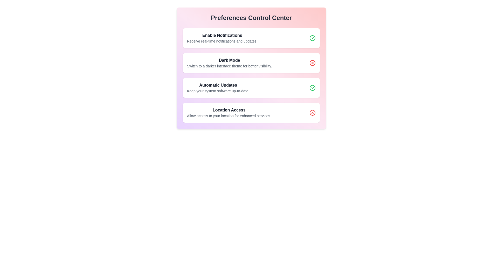 The image size is (498, 280). What do you see at coordinates (251, 38) in the screenshot?
I see `text from the informational card titled 'Enable Notifications' located in the Preferences Control Center, which contains a green checkmark icon and provides details about receiving notifications` at bounding box center [251, 38].